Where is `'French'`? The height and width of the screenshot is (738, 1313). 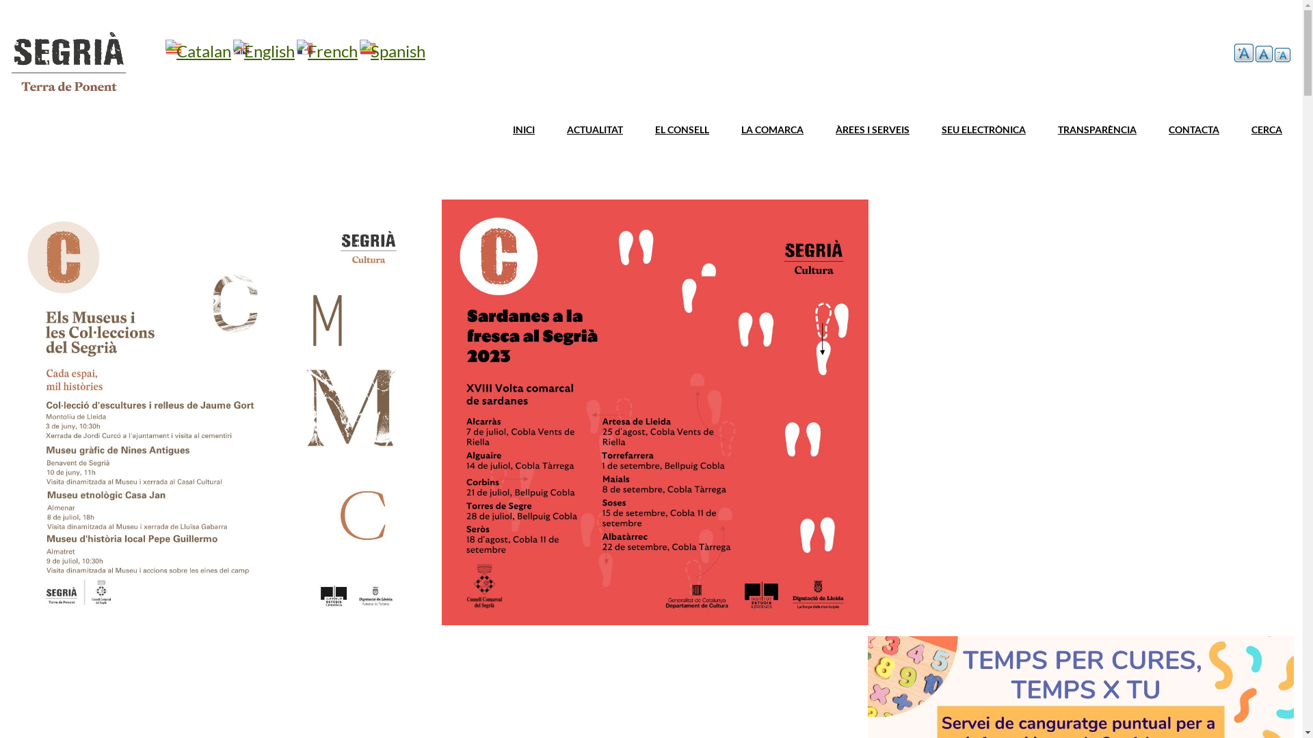
'French' is located at coordinates (326, 50).